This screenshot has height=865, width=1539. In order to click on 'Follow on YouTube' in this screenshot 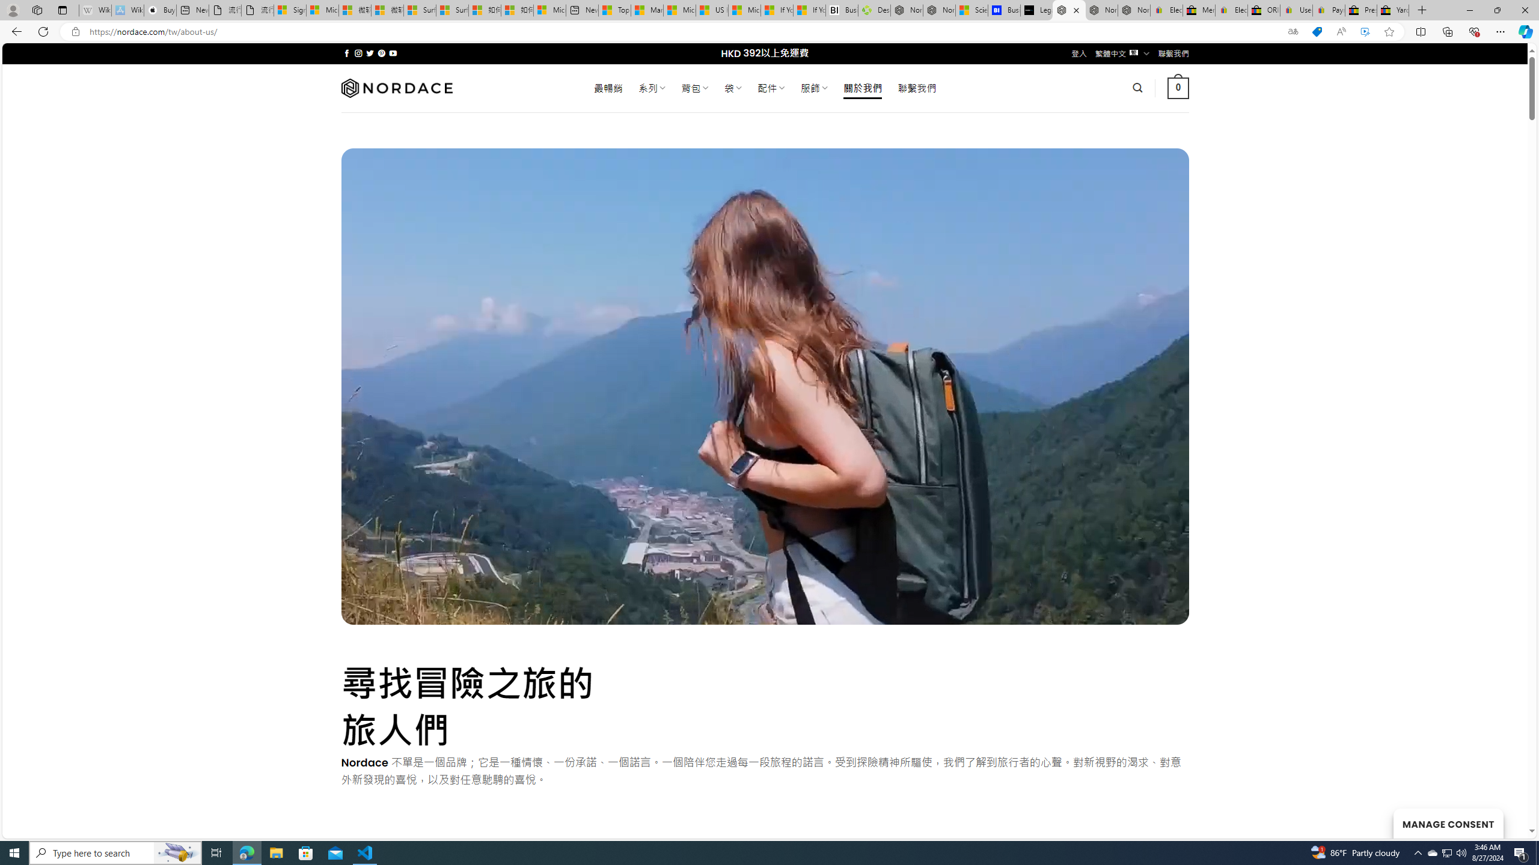, I will do `click(393, 53)`.